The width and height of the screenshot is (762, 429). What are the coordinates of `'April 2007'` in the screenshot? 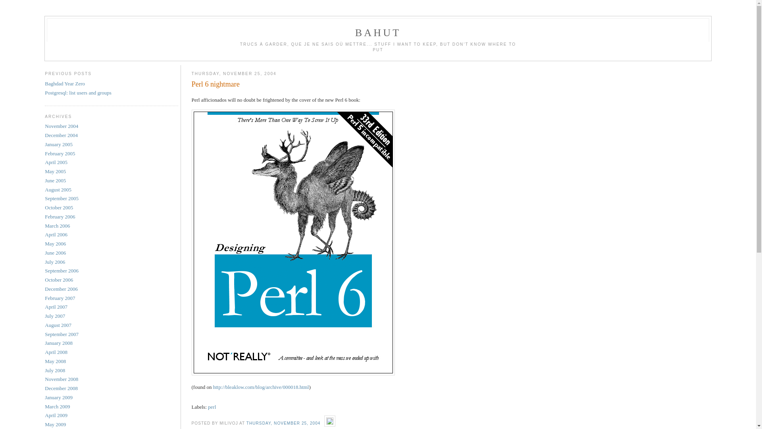 It's located at (56, 306).